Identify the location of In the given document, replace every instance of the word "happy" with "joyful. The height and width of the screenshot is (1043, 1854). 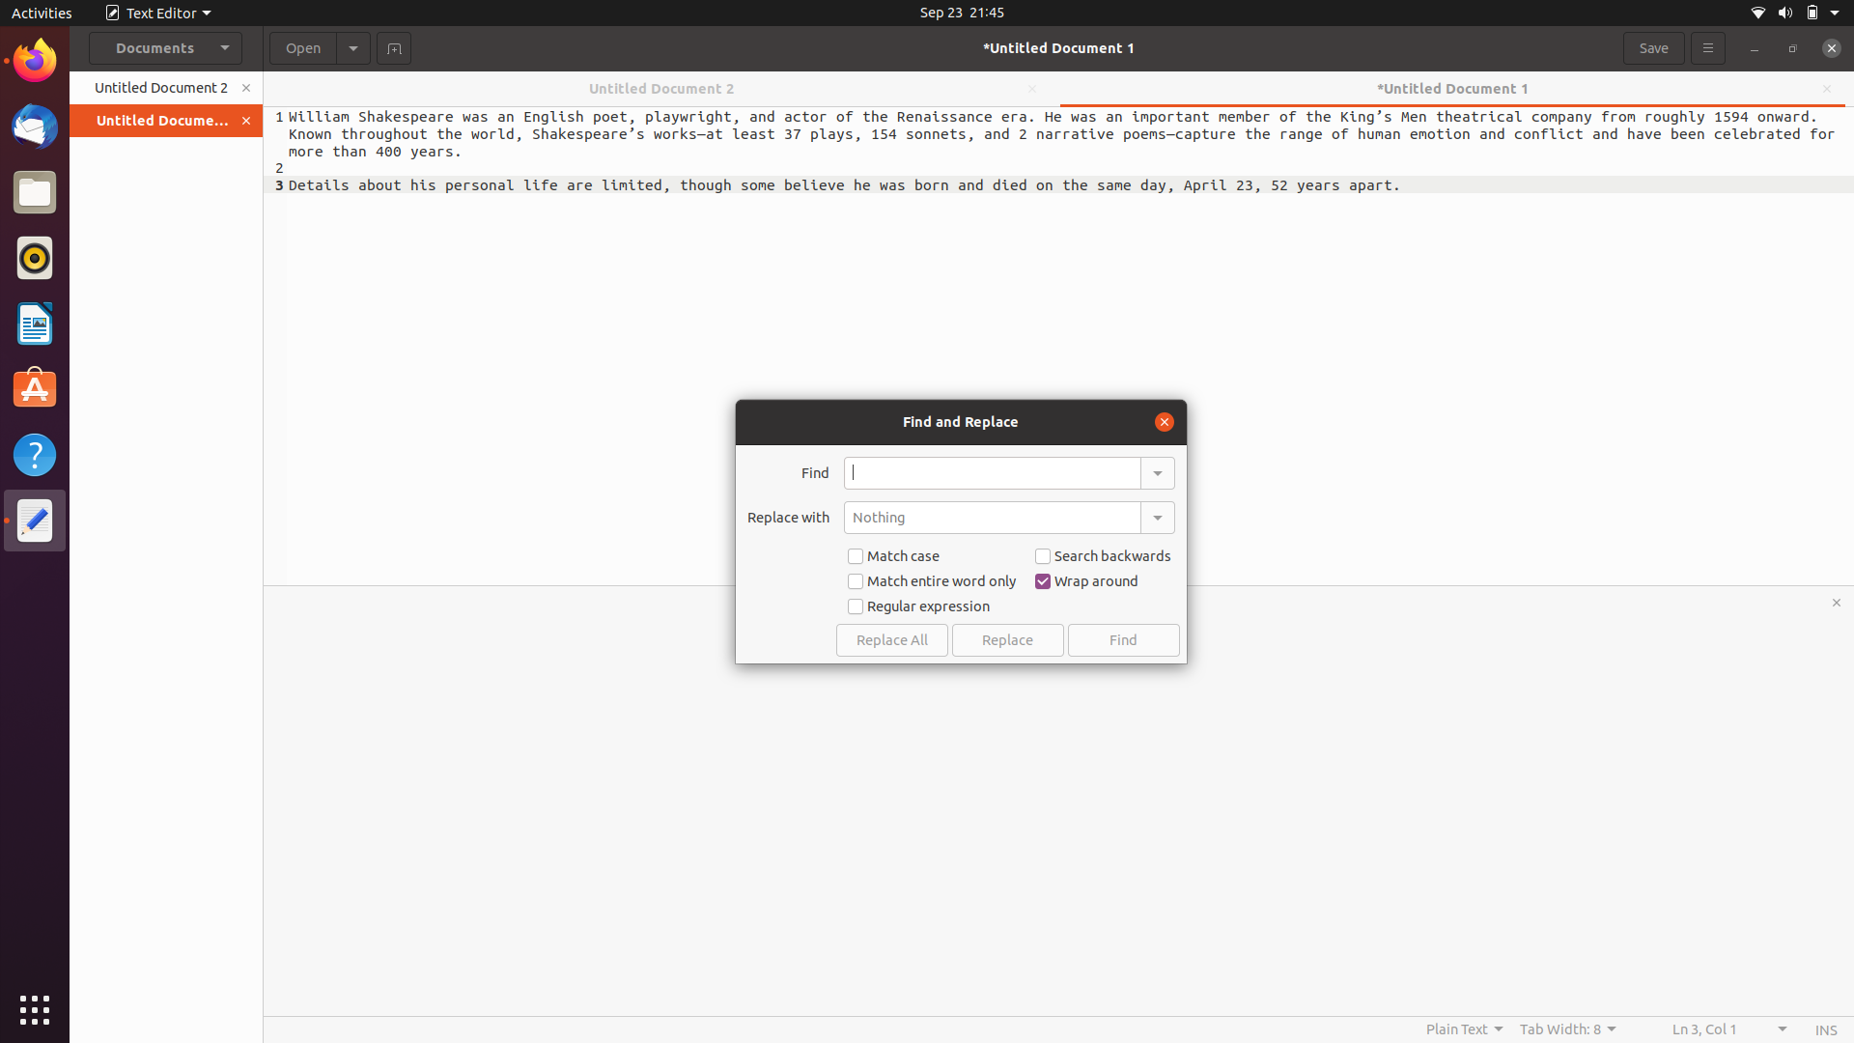
(992, 472).